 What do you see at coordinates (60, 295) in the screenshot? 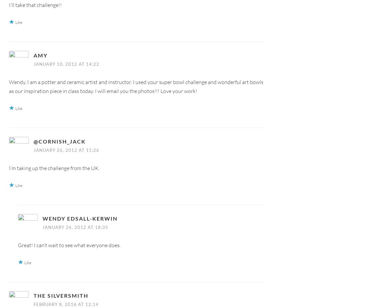
I see `'The Silversmith'` at bounding box center [60, 295].